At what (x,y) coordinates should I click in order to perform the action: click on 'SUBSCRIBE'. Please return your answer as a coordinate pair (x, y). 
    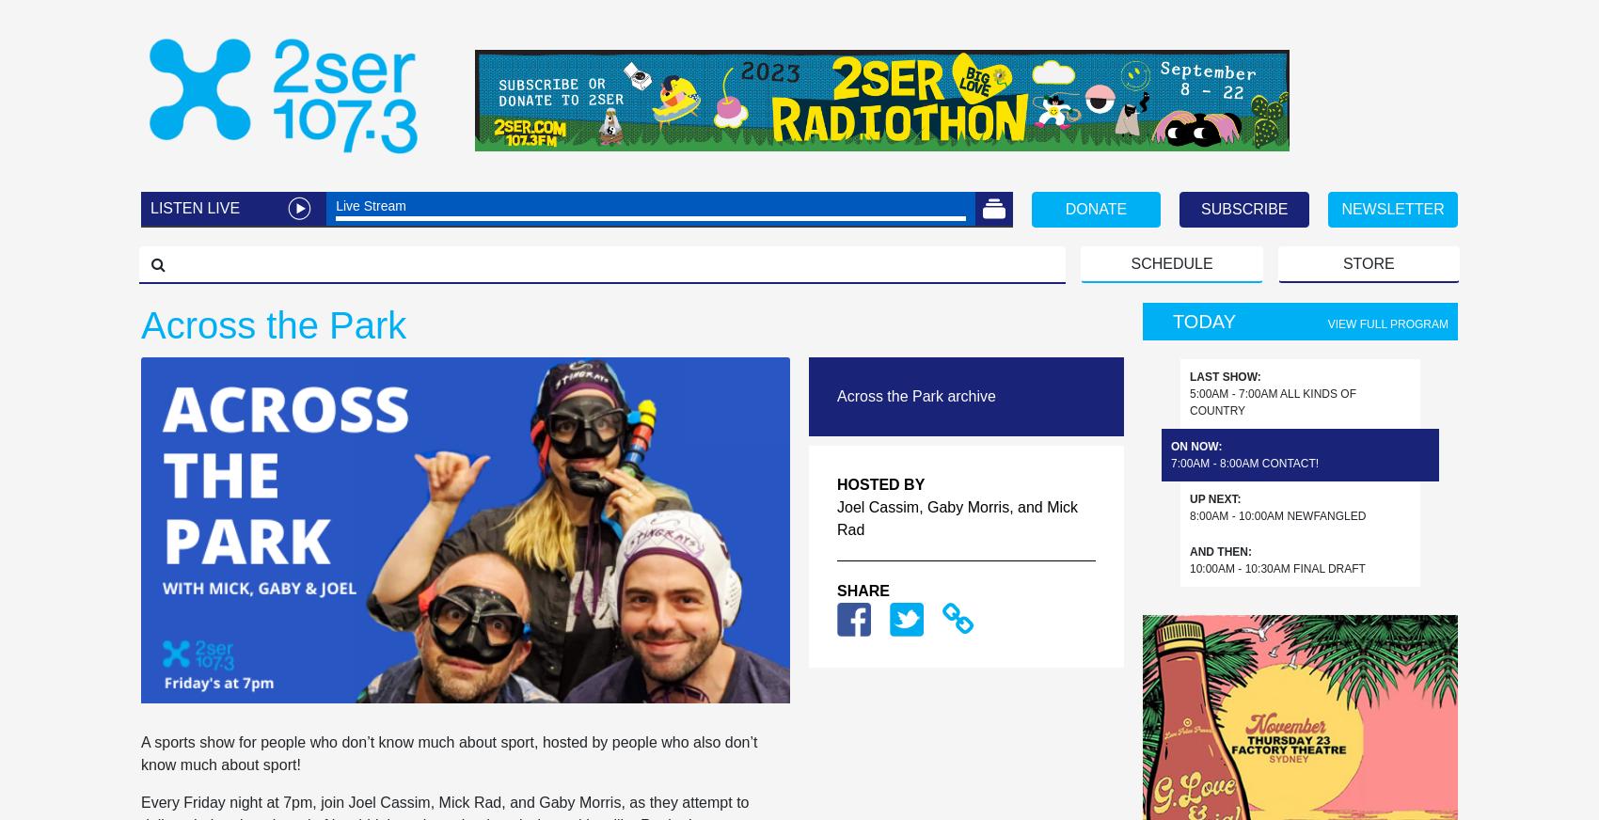
    Looking at the image, I should click on (1243, 207).